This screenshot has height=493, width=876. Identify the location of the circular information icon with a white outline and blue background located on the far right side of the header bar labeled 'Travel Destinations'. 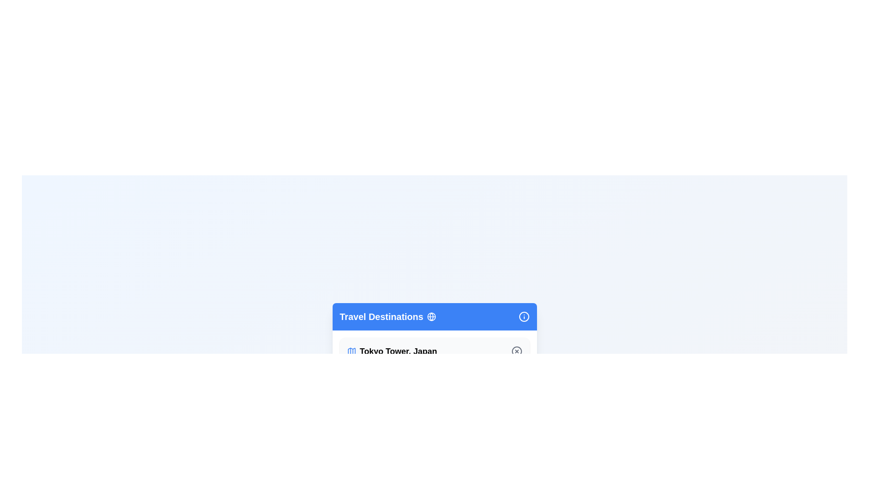
(524, 316).